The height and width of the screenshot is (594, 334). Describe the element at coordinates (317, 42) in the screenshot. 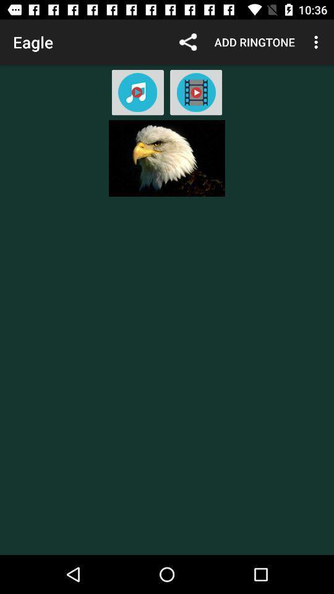

I see `the icon next to add ringtone` at that location.